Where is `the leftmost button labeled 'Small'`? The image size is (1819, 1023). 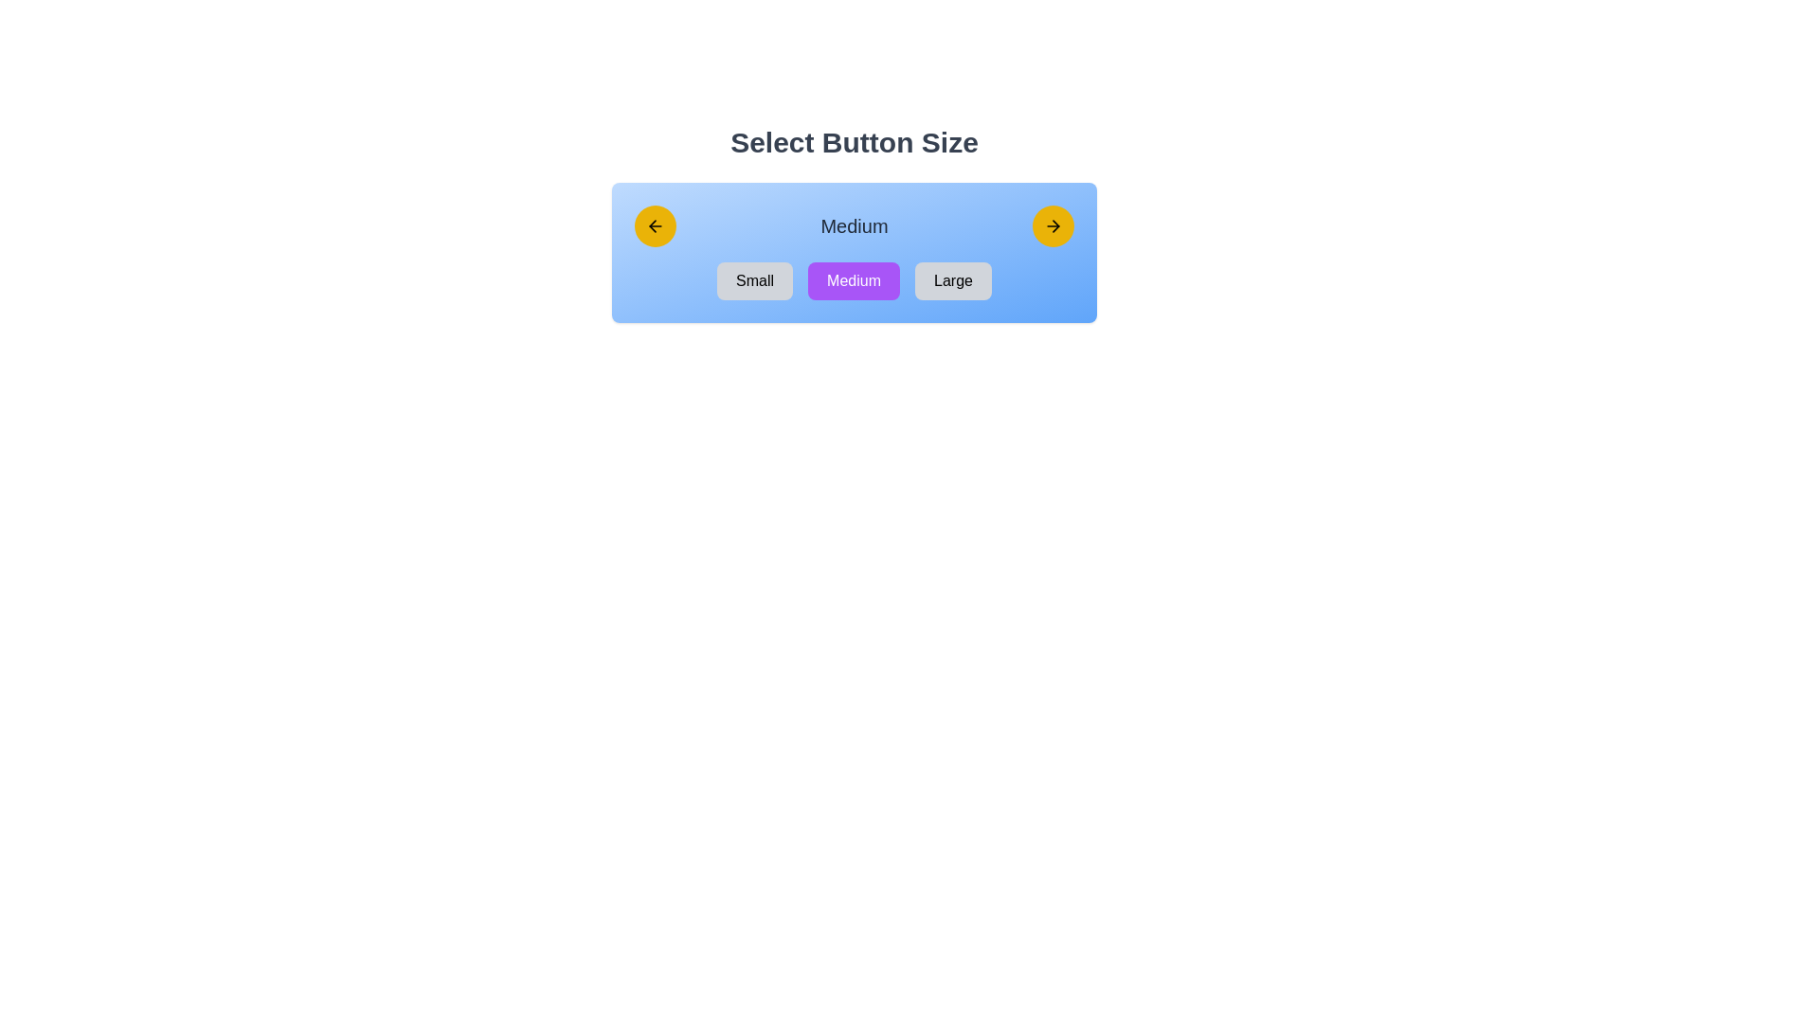 the leftmost button labeled 'Small' is located at coordinates (754, 281).